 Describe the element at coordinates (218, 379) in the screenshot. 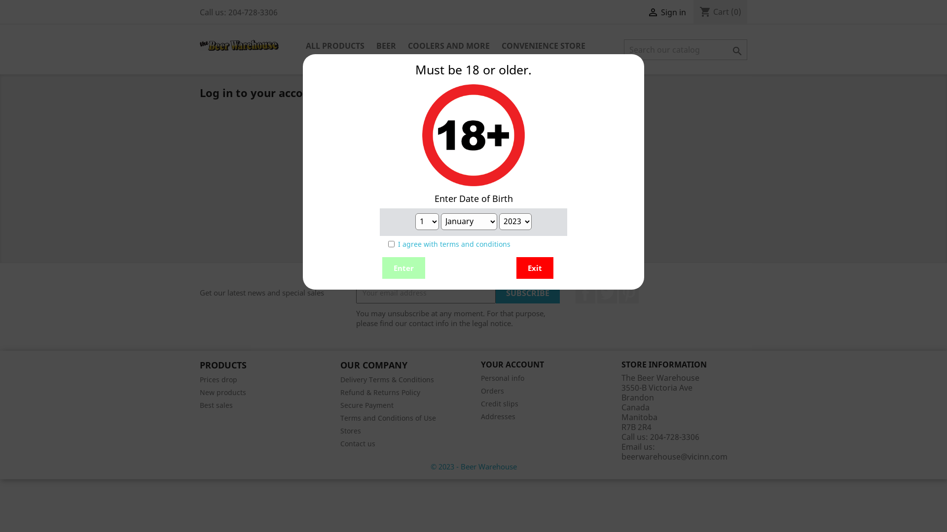

I see `'Prices drop'` at that location.